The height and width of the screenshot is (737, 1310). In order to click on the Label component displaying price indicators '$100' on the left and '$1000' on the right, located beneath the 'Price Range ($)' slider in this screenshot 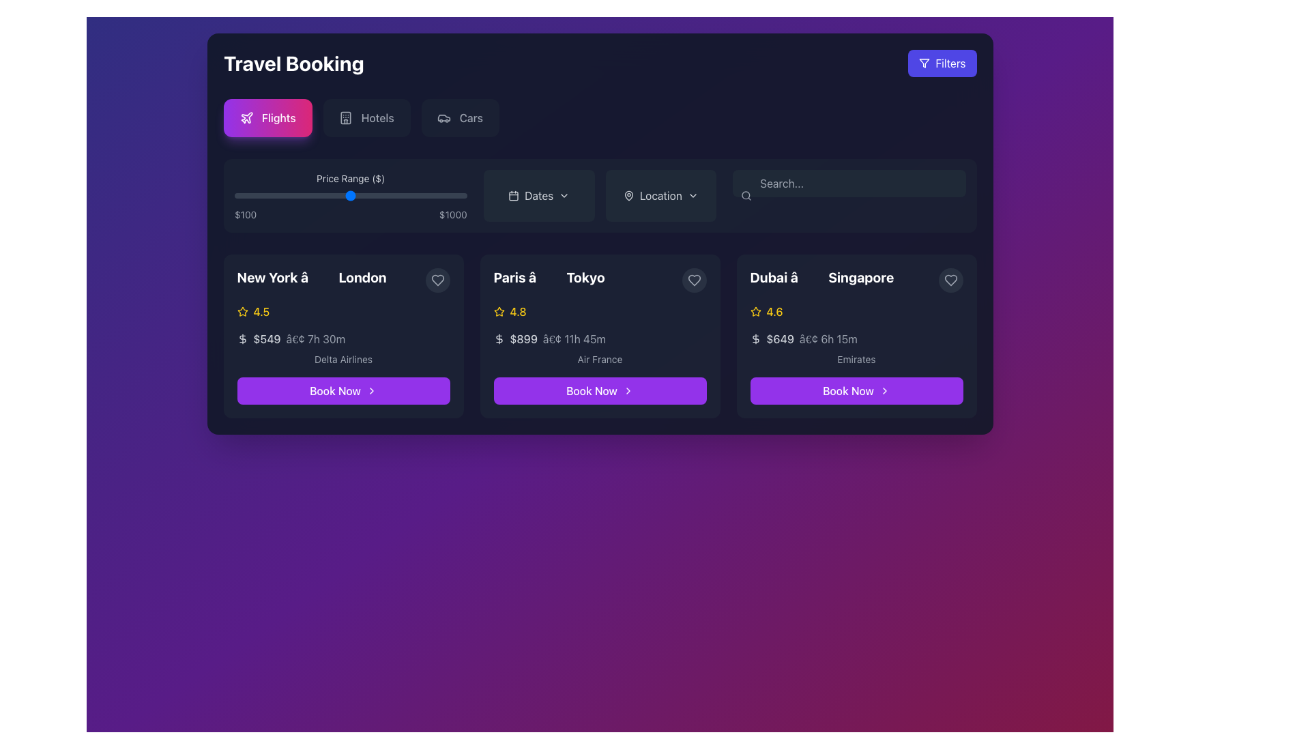, I will do `click(351, 215)`.